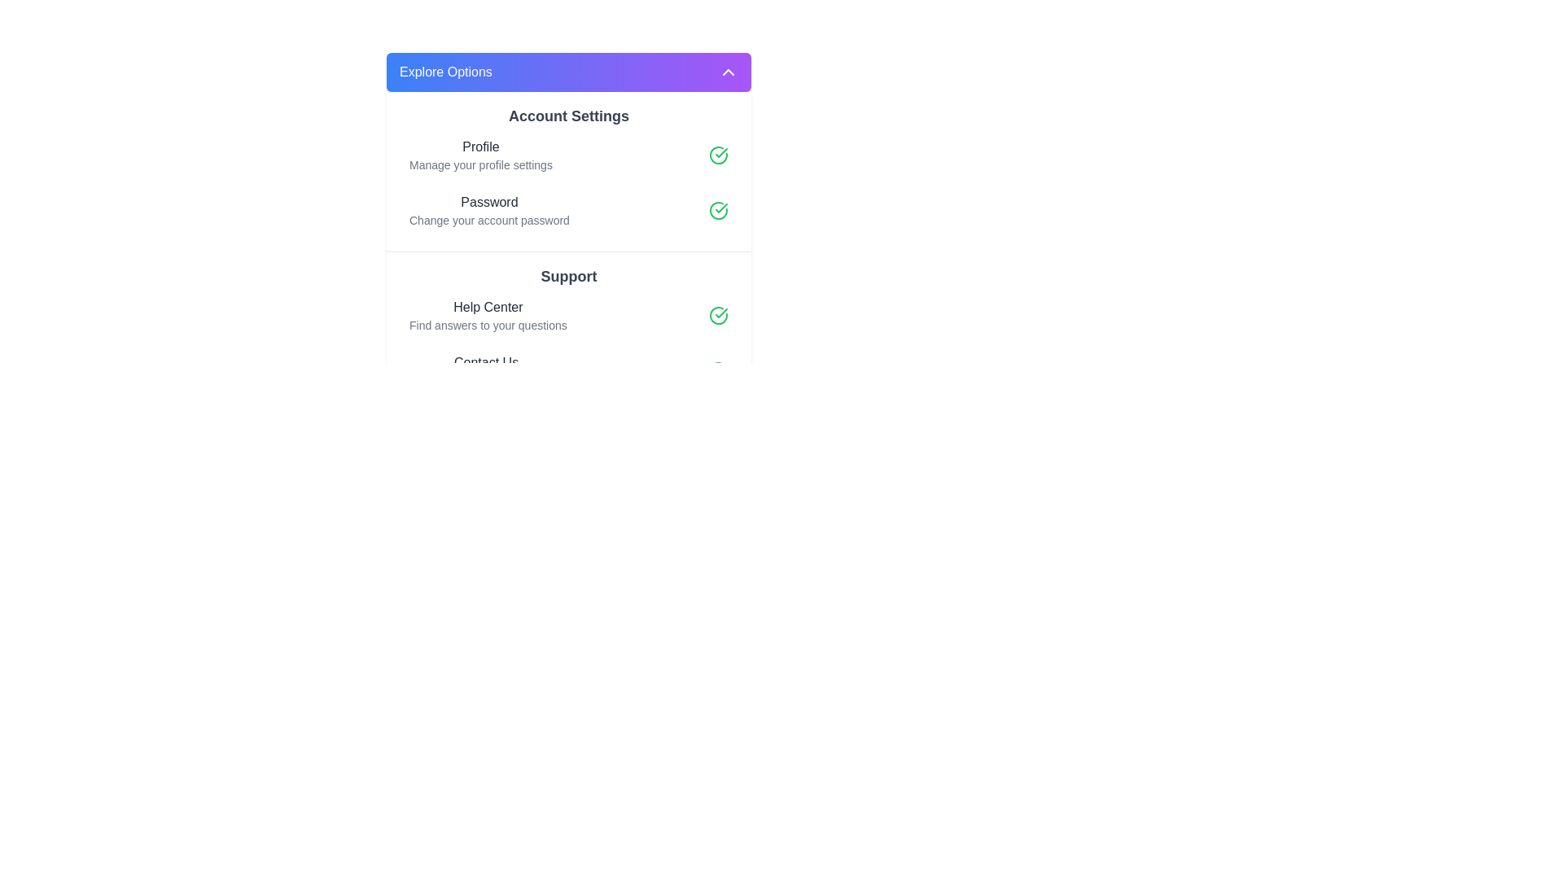 This screenshot has height=879, width=1563. What do you see at coordinates (479, 147) in the screenshot?
I see `the 'Profile' text label in the 'Account Settings' section, which is styled with a medium-weight font and dark gray color` at bounding box center [479, 147].